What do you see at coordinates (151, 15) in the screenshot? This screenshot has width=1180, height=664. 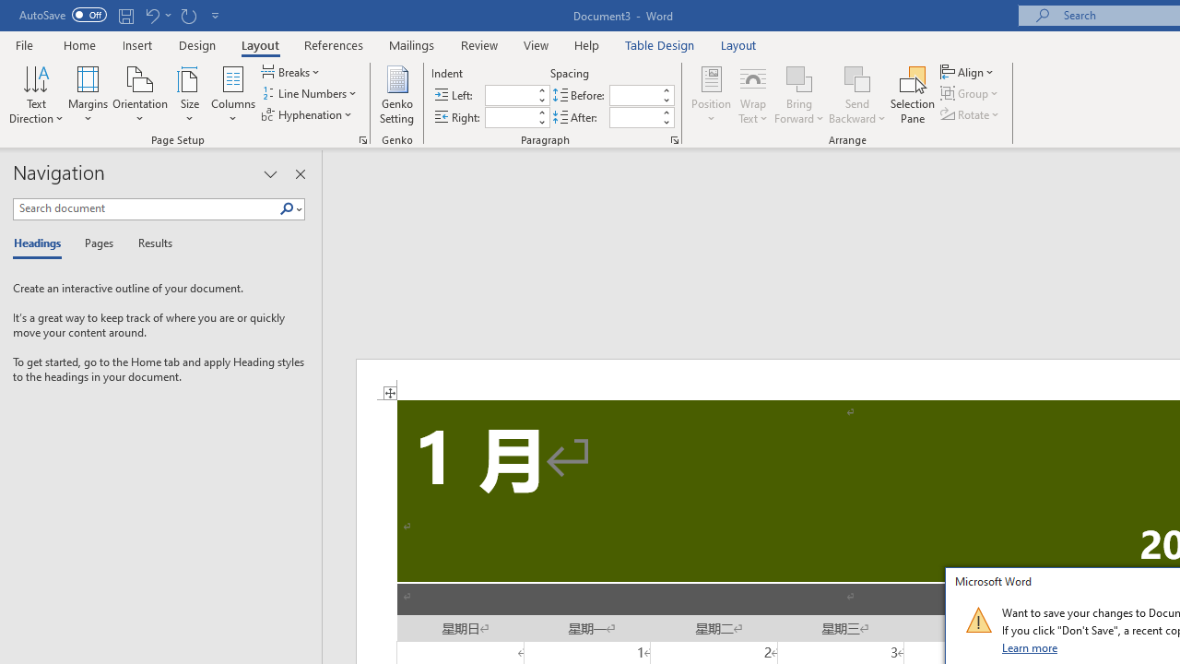 I see `'Undo Insert Row Below'` at bounding box center [151, 15].